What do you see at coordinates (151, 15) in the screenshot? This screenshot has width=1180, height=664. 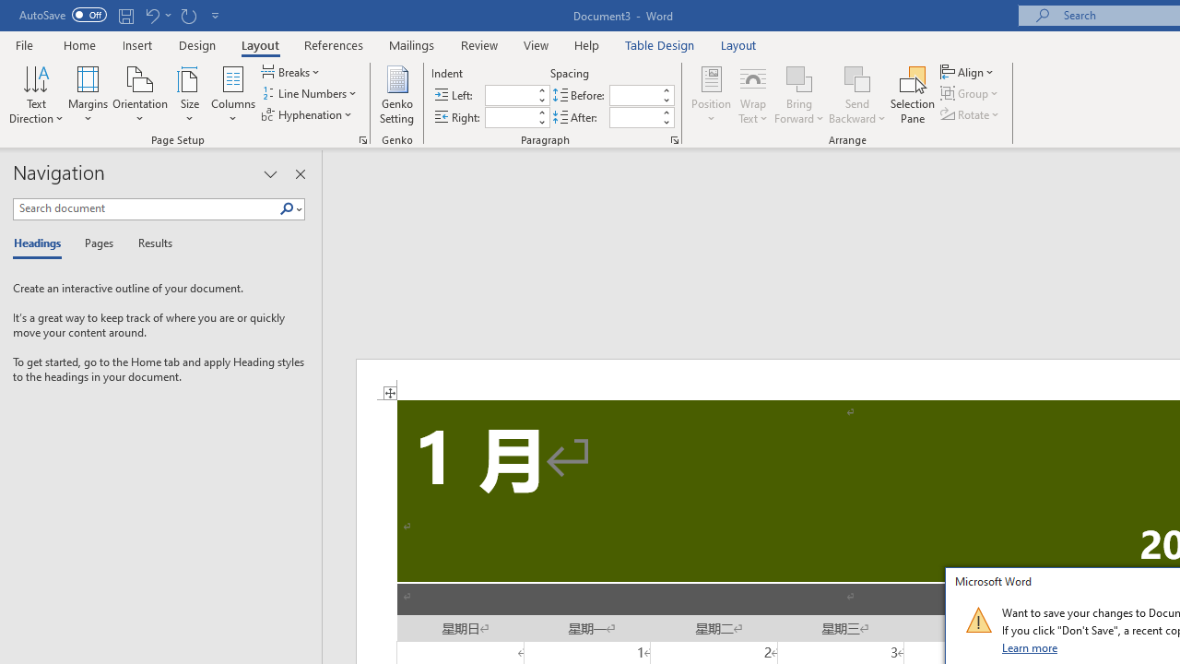 I see `'Undo Insert Row Below'` at bounding box center [151, 15].